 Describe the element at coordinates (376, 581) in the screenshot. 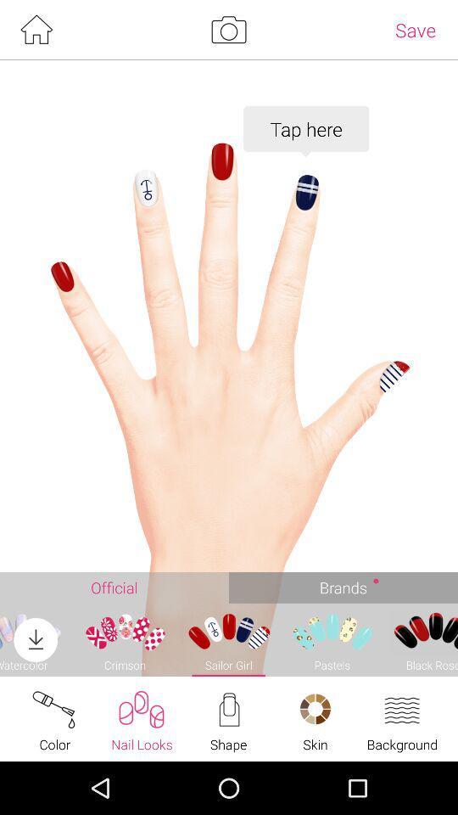

I see `dot which beside brands` at that location.